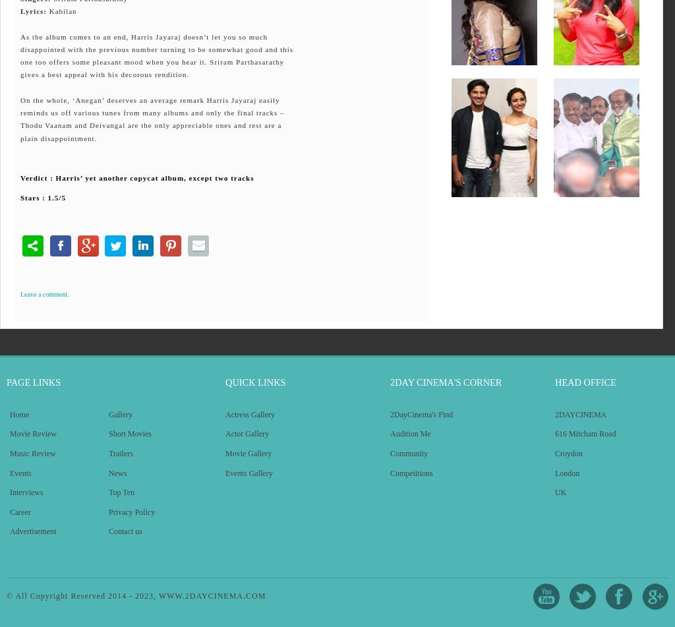  Describe the element at coordinates (104, 74) in the screenshot. I see `'gives a best appeal with his decorous rendition.'` at that location.